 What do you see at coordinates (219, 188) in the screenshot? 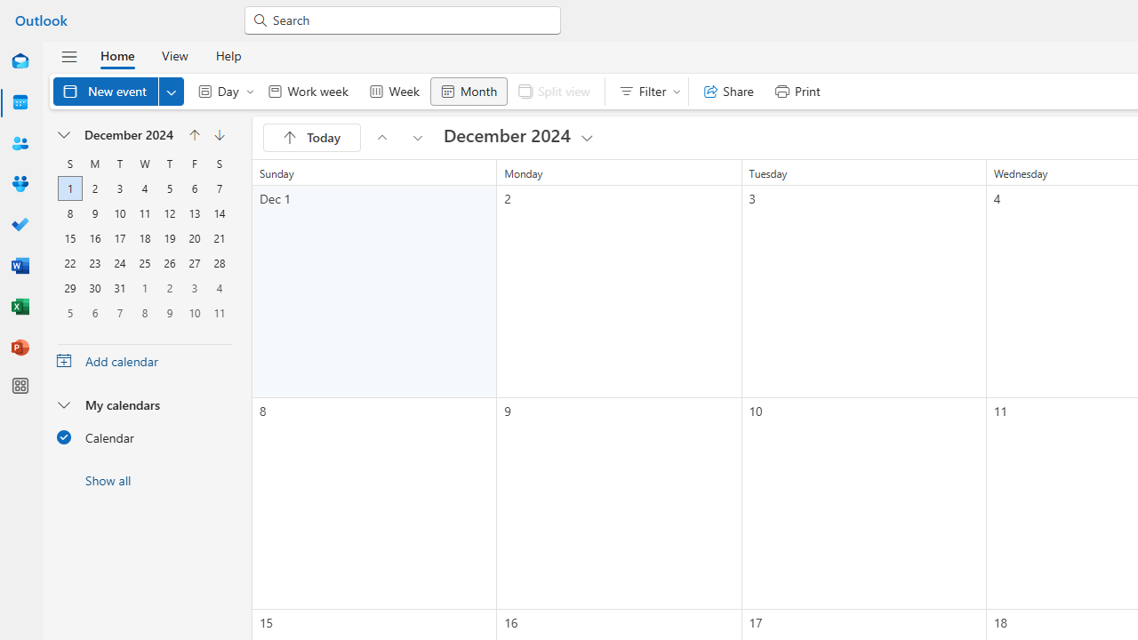
I see `'7, December, 2024'` at bounding box center [219, 188].